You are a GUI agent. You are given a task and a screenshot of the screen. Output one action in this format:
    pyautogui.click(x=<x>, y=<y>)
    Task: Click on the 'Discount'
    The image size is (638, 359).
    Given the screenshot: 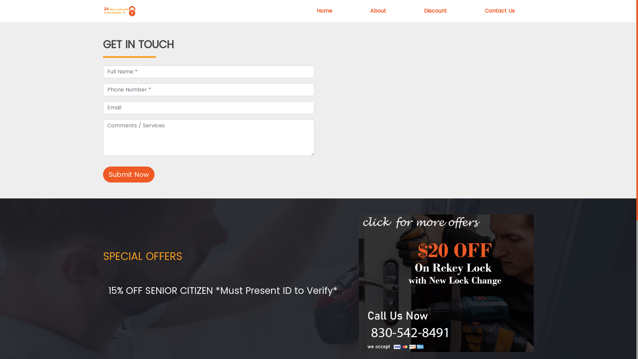 What is the action you would take?
    pyautogui.click(x=435, y=11)
    